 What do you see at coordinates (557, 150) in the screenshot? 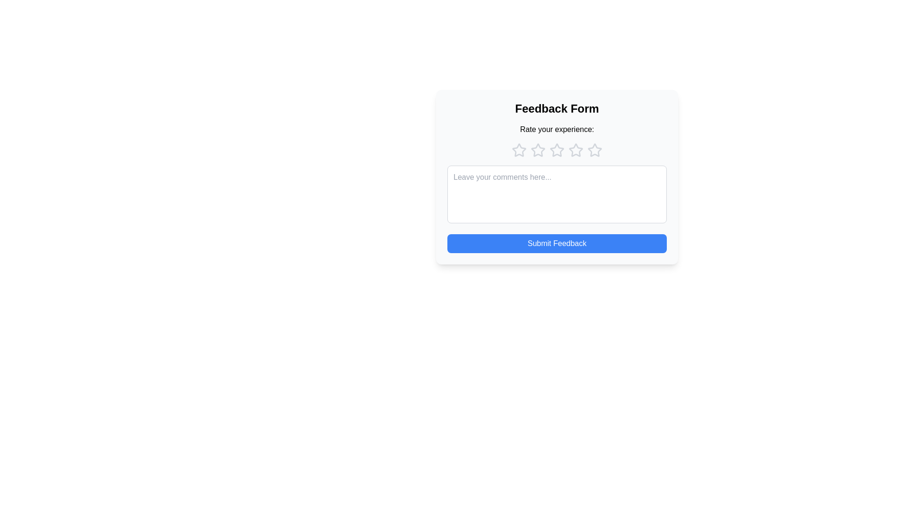
I see `the third star icon in the rating row under the label 'Rate your experience:'` at bounding box center [557, 150].